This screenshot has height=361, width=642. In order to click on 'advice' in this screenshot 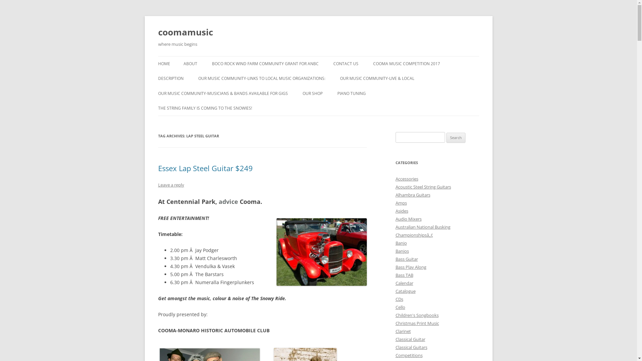, I will do `click(228, 201)`.